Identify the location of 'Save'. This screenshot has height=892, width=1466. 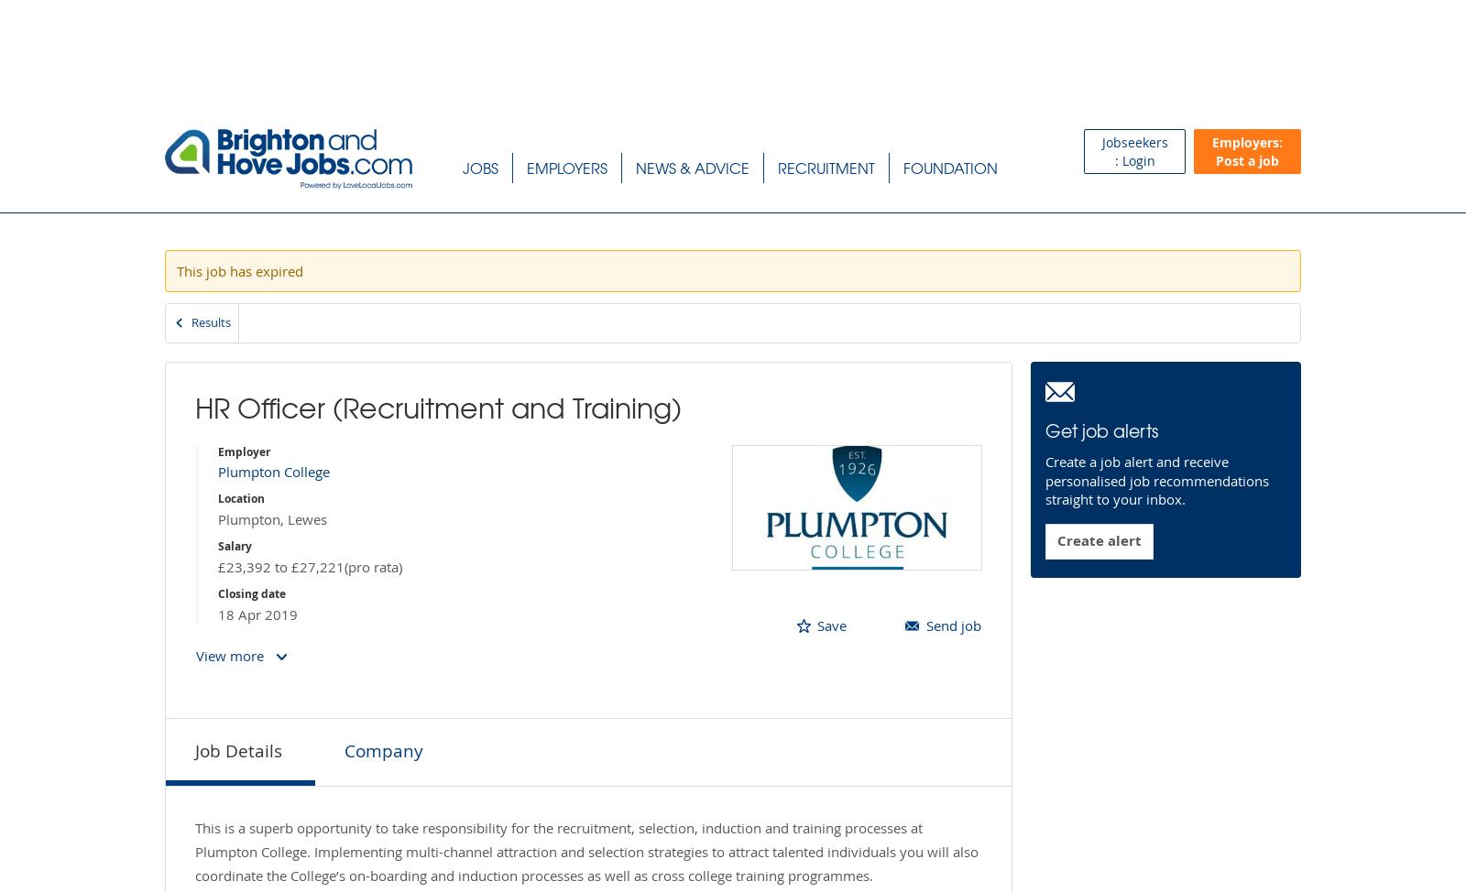
(816, 624).